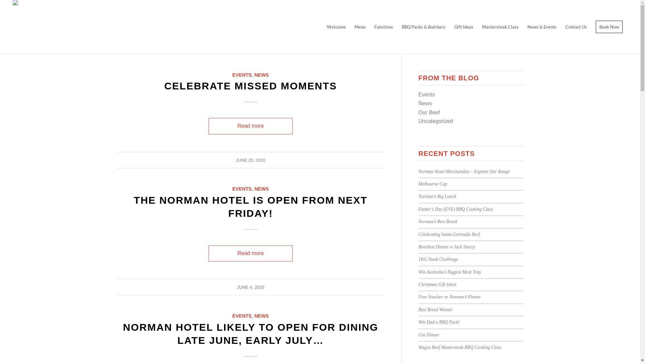 This screenshot has height=363, width=645. Describe the element at coordinates (433, 184) in the screenshot. I see `'Melbourne Cup'` at that location.